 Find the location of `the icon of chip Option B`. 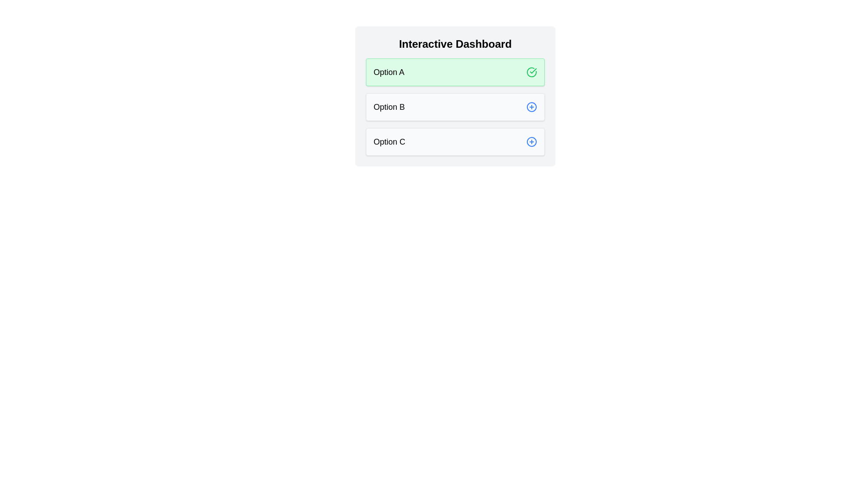

the icon of chip Option B is located at coordinates (532, 106).